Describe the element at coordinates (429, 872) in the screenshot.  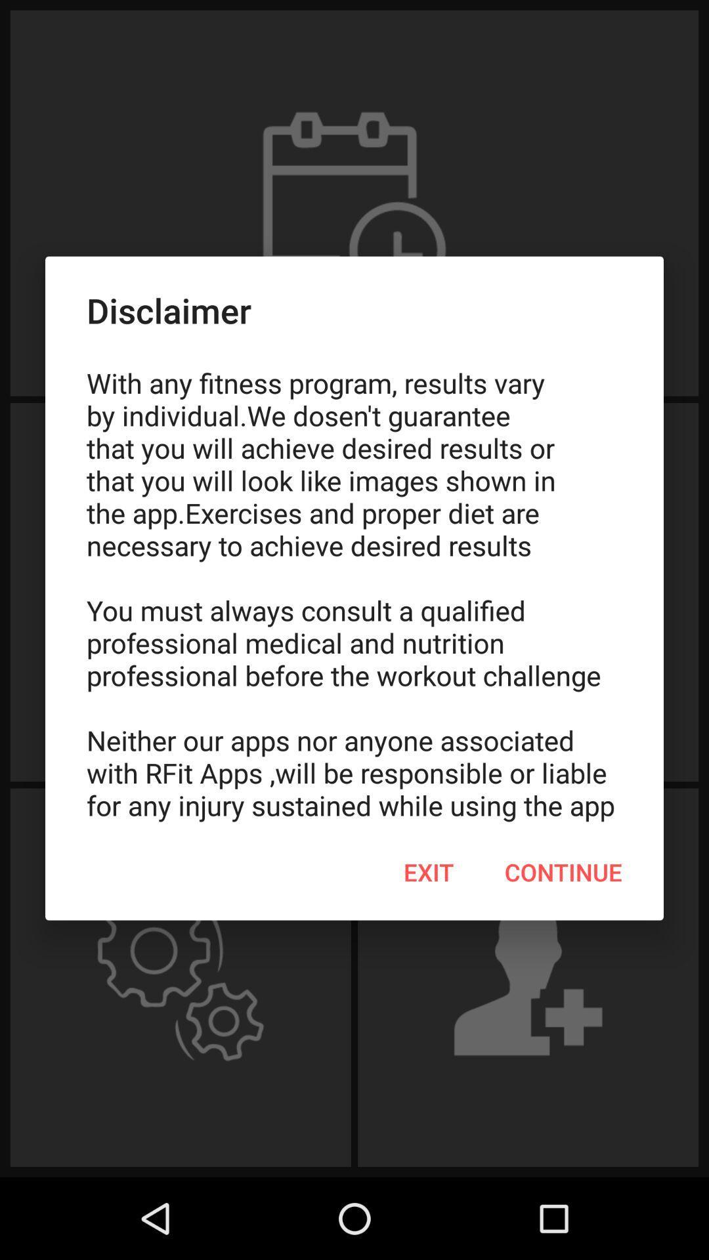
I see `the icon to the left of the continue icon` at that location.